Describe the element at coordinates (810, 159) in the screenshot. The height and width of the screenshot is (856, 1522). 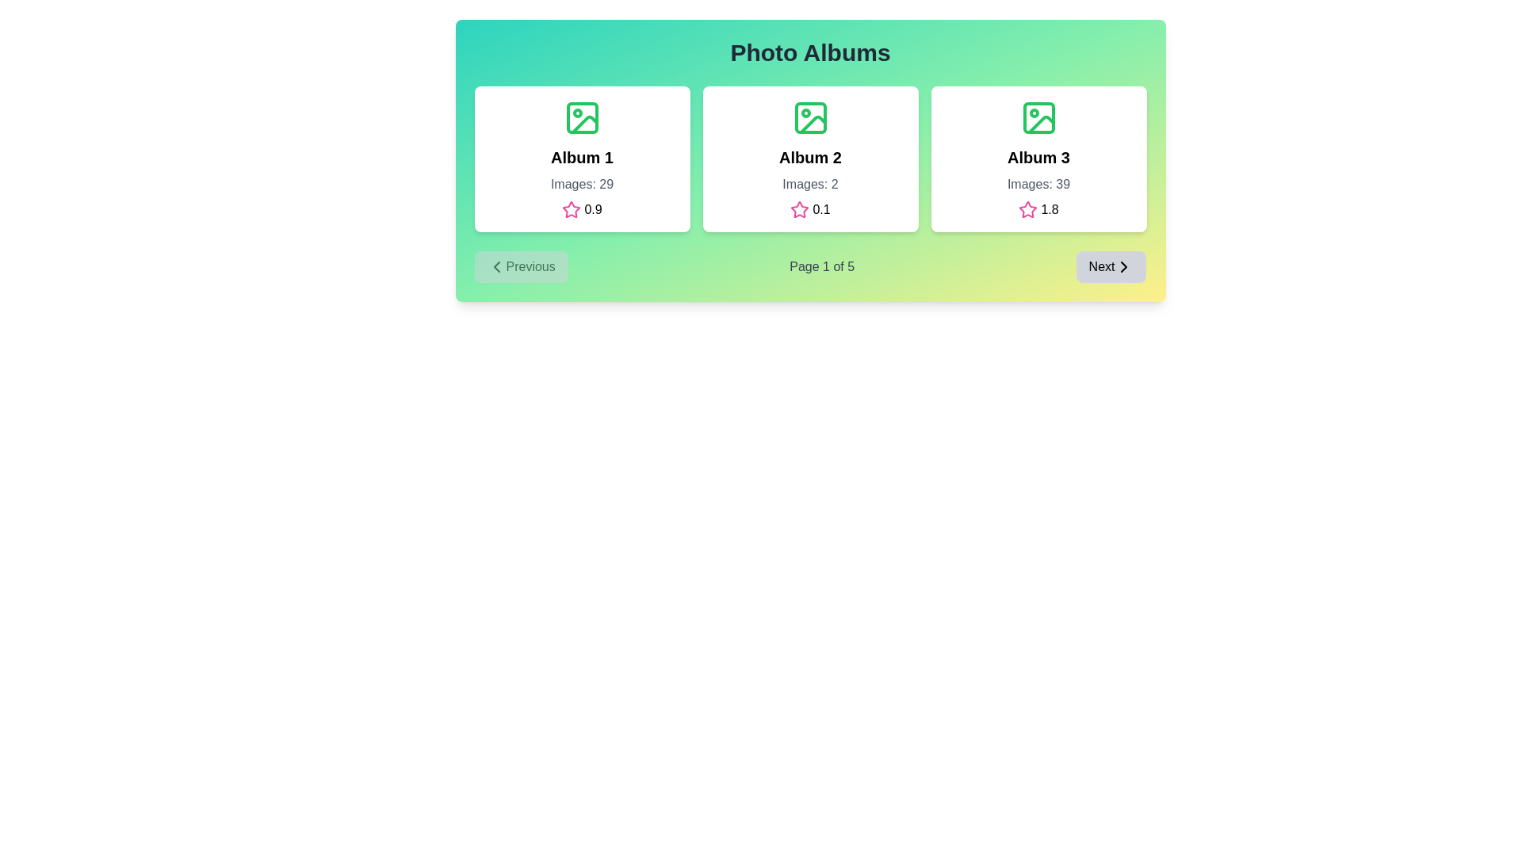
I see `the middle card element in the gallery interface` at that location.